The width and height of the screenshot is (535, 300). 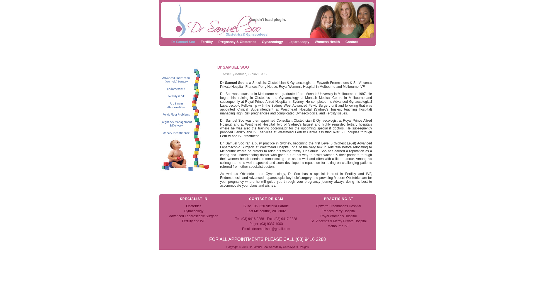 I want to click on 'drsamuelsoo@gmail.com', so click(x=271, y=229).